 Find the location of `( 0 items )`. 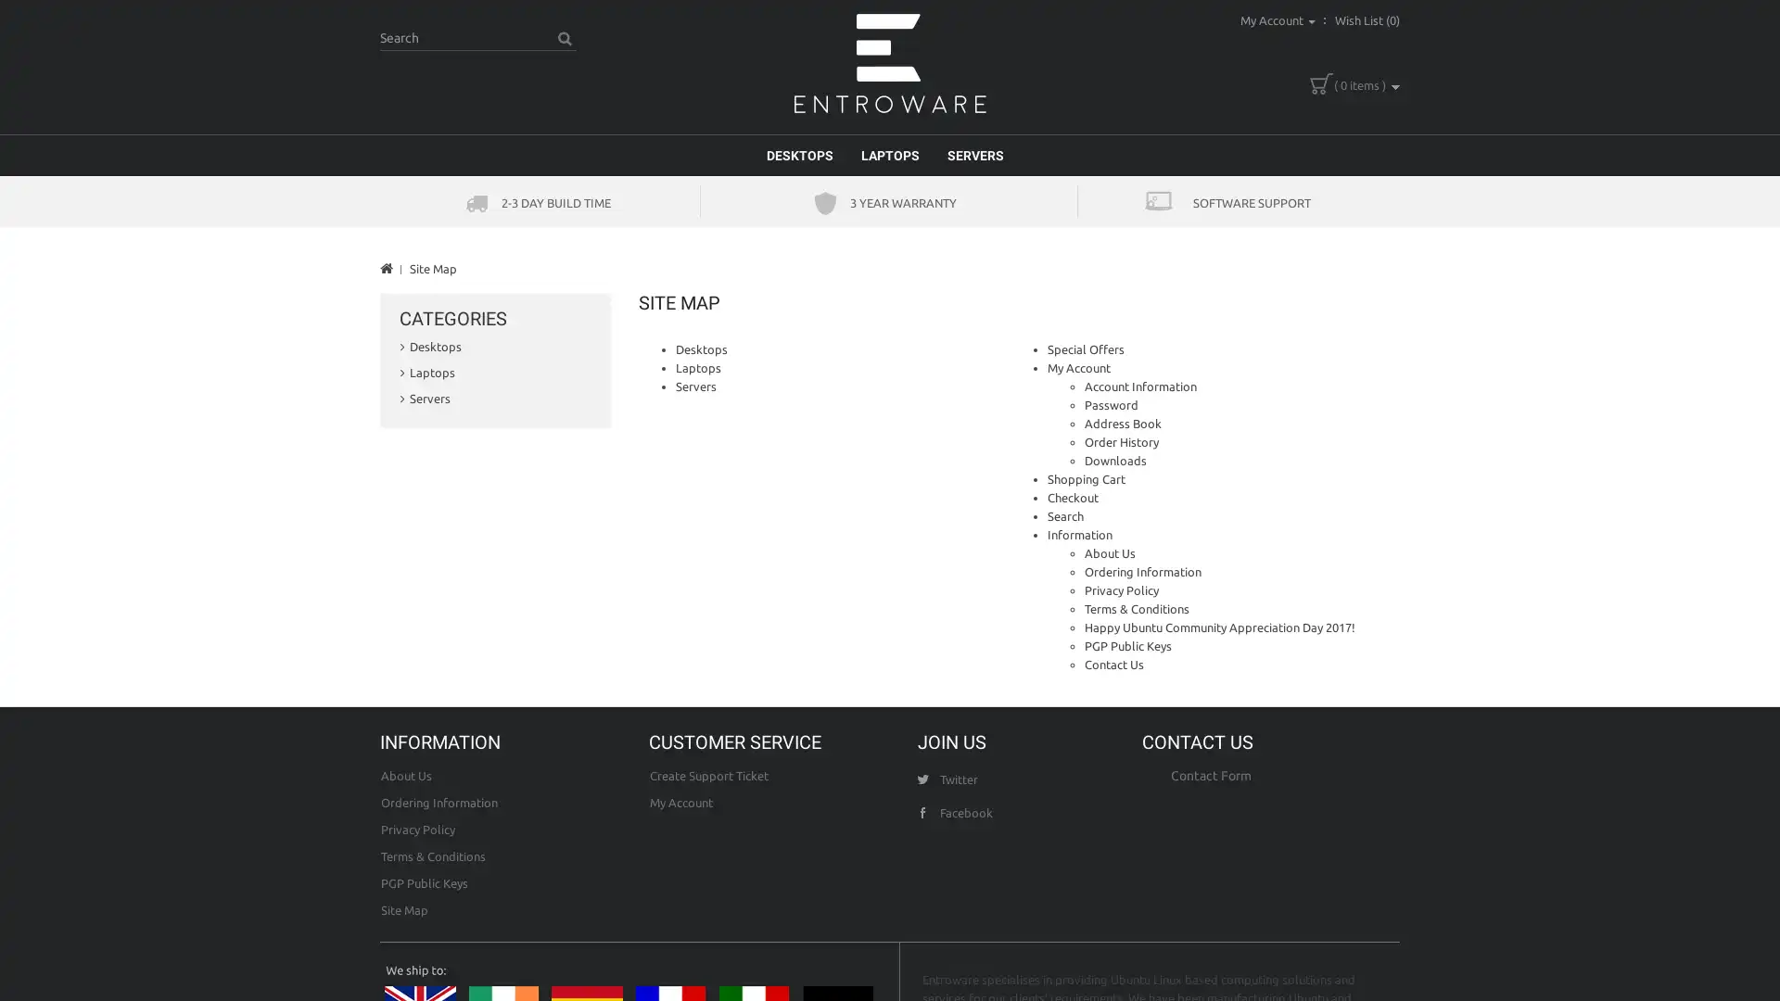

( 0 items ) is located at coordinates (1354, 84).